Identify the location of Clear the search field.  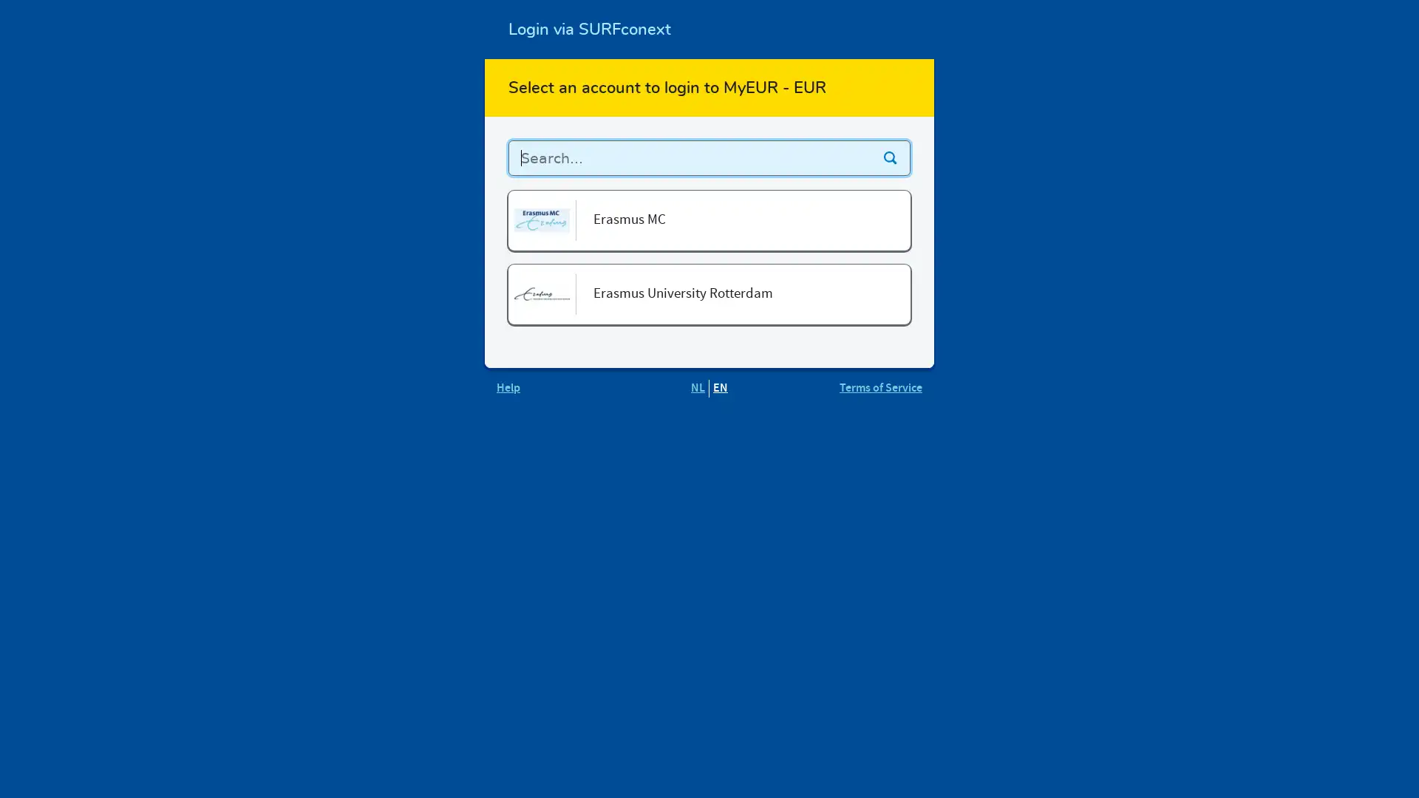
(889, 157).